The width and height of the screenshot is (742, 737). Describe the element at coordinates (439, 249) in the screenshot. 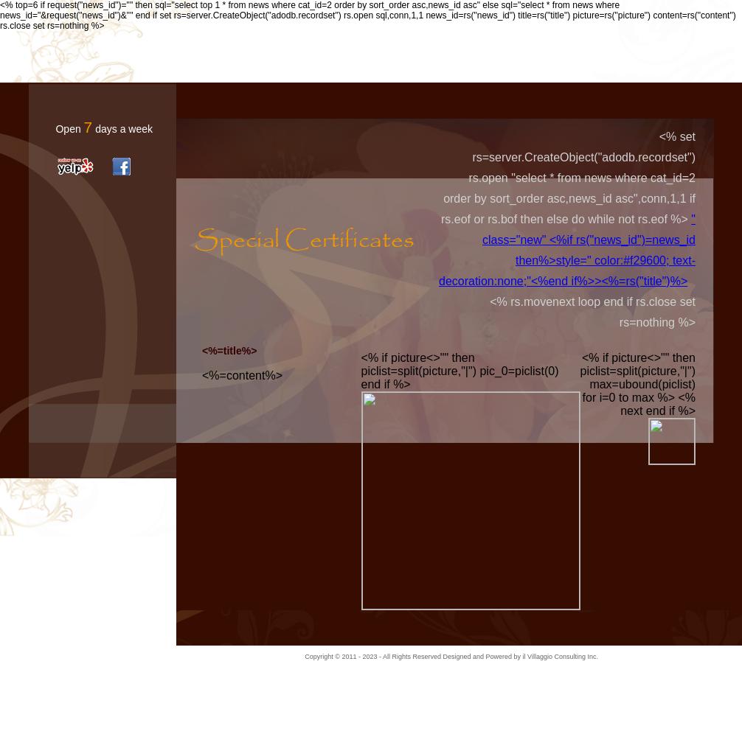

I see `'" class="new" <%if rs("news_id")=news_id then%>style=" color:#f29600; text-decoration:none;"<%end if%>><%=rs("title")%>'` at that location.